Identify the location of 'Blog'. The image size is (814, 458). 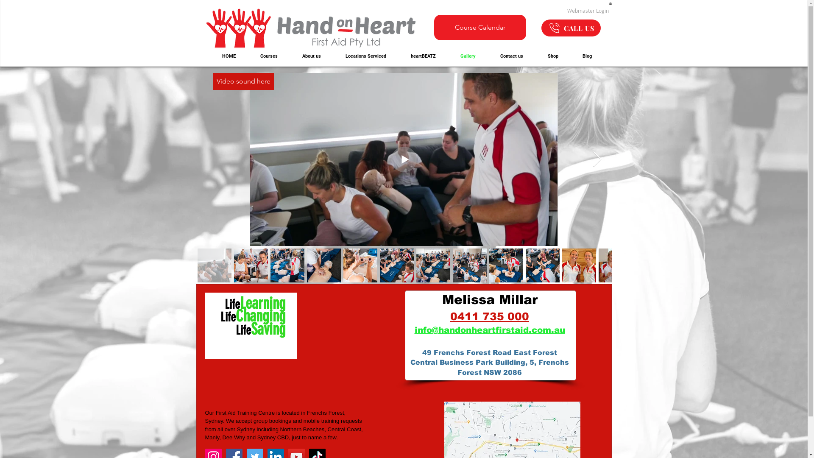
(587, 56).